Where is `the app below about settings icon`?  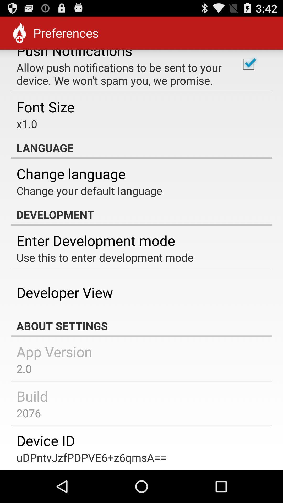 the app below about settings icon is located at coordinates (54, 352).